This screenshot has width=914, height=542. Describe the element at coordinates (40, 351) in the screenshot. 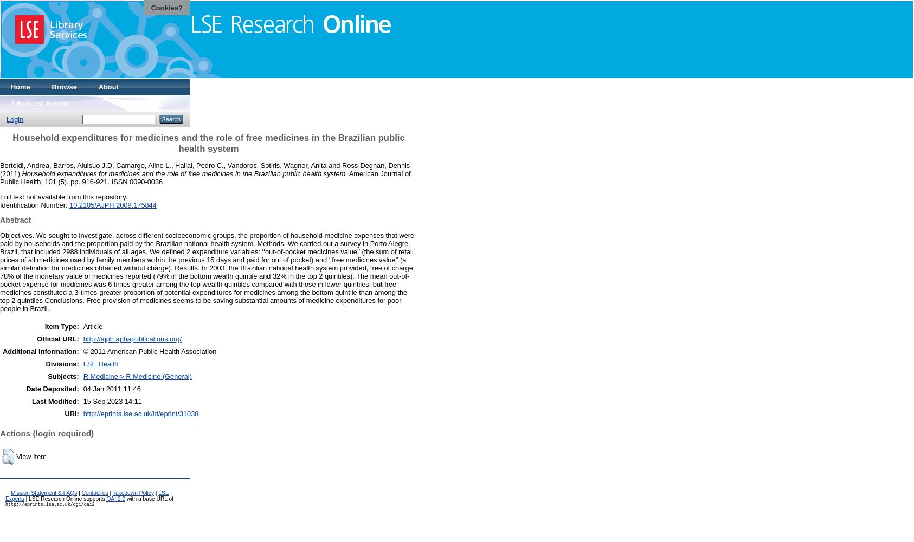

I see `'Additional Information:'` at that location.